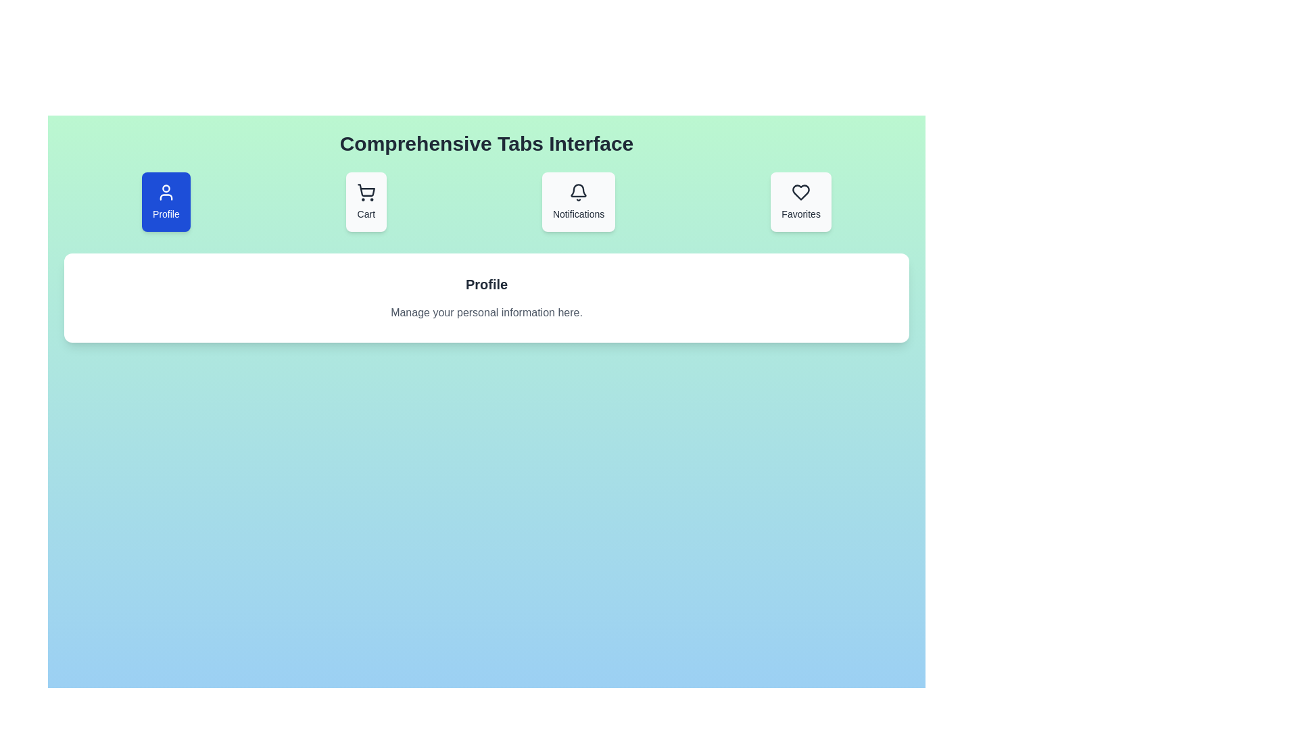  Describe the element at coordinates (579, 193) in the screenshot. I see `the bell icon located in the 'Notifications' card, which is the third card from the left in the upper-center part of the interface` at that location.